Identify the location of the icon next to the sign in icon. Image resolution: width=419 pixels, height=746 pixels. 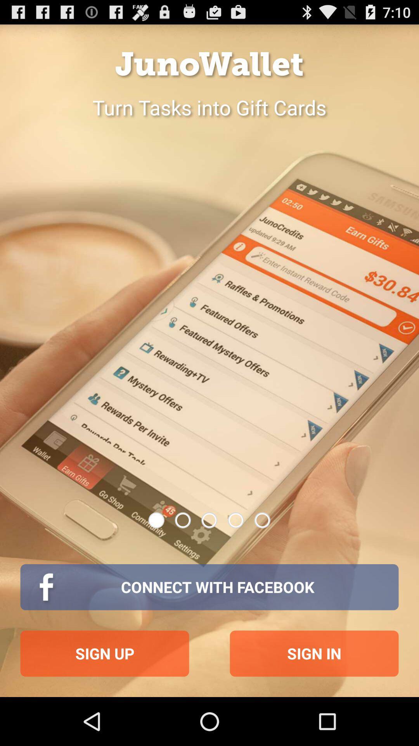
(105, 653).